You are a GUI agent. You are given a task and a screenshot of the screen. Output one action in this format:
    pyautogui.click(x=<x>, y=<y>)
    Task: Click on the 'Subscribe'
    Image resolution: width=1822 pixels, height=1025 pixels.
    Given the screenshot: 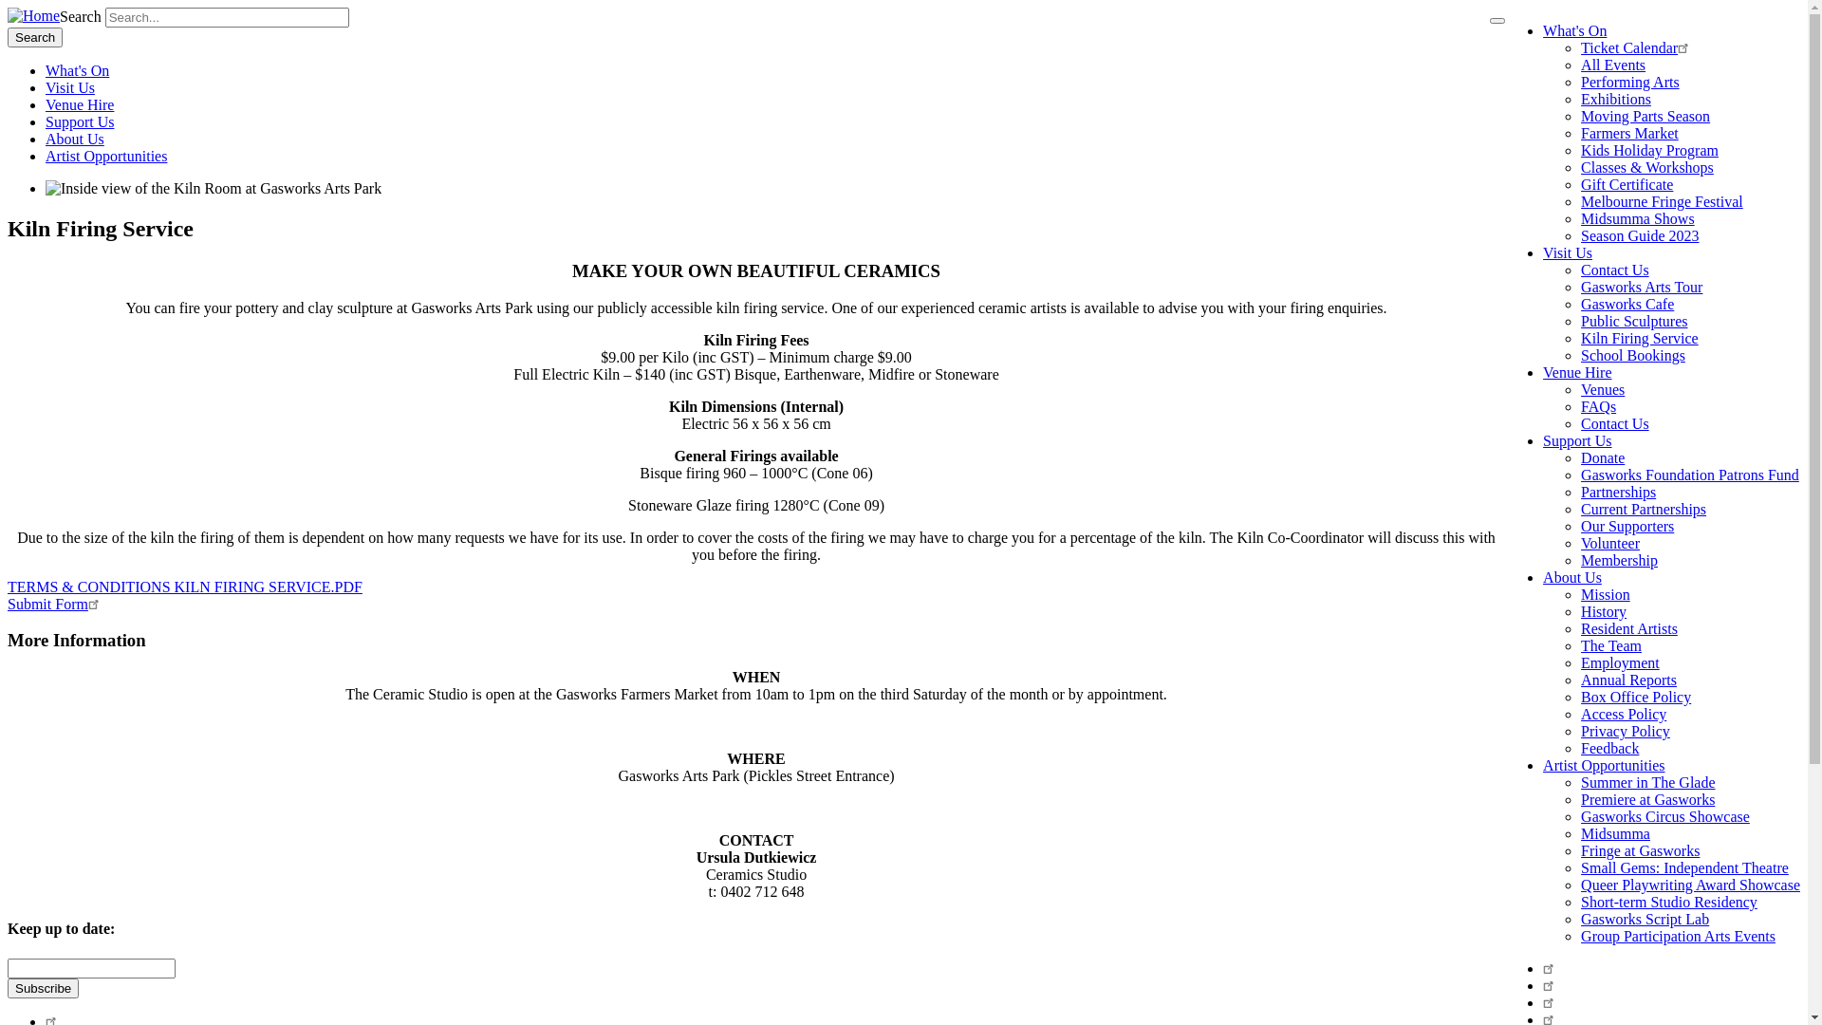 What is the action you would take?
    pyautogui.click(x=43, y=986)
    